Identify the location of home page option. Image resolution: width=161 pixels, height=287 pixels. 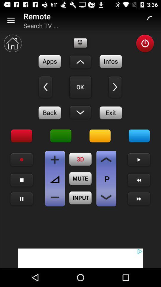
(13, 43).